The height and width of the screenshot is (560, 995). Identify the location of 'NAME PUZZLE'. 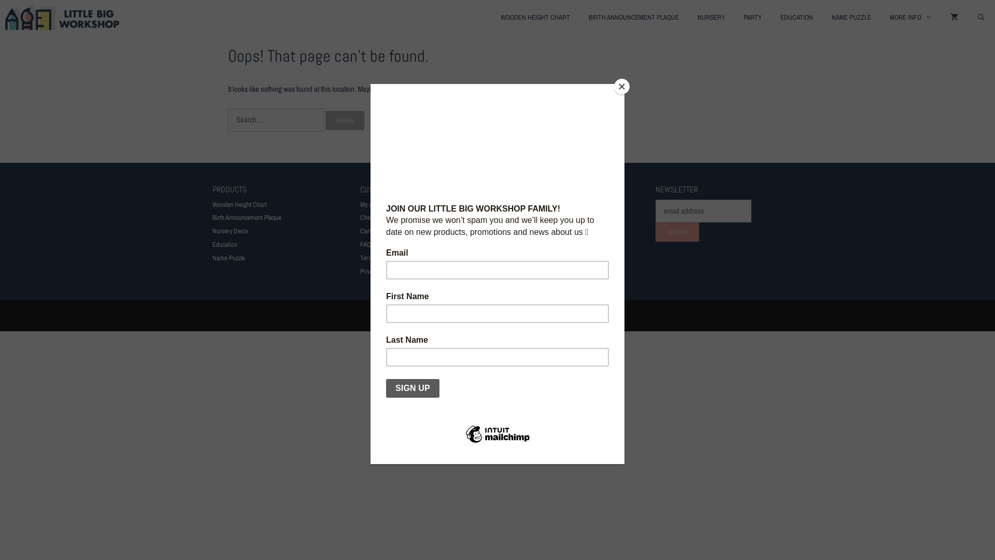
(822, 18).